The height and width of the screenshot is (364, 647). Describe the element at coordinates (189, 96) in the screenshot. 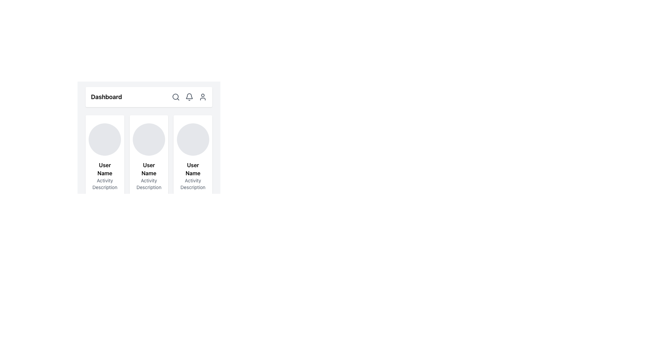

I see `the gray bell icon located in the top-right corner of the interface` at that location.